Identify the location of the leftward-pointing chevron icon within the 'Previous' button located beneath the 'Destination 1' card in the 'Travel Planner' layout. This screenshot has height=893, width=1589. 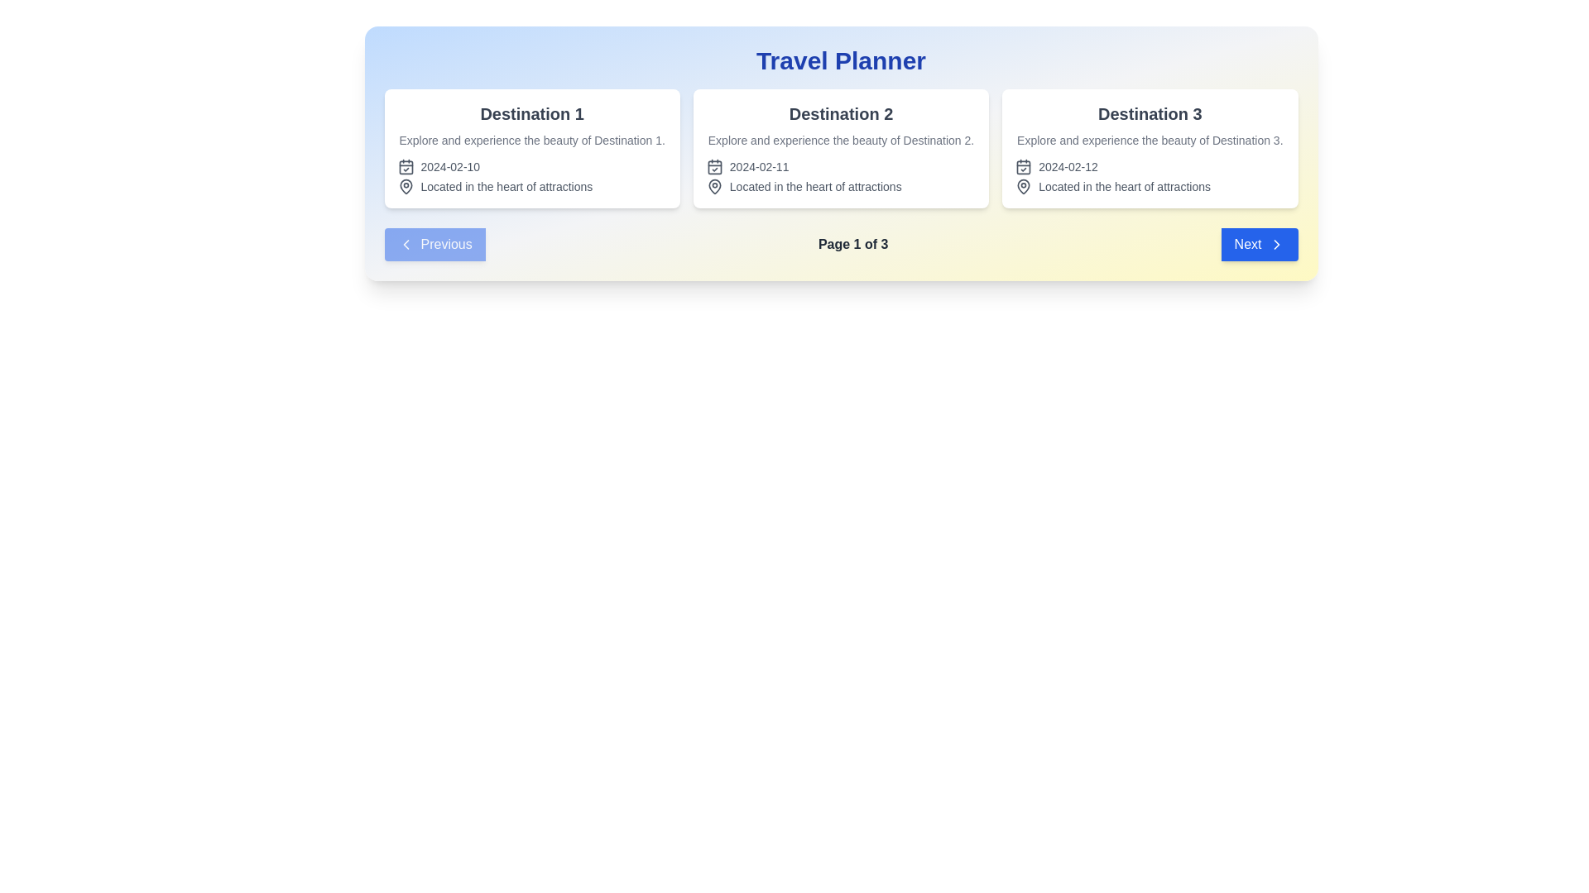
(406, 245).